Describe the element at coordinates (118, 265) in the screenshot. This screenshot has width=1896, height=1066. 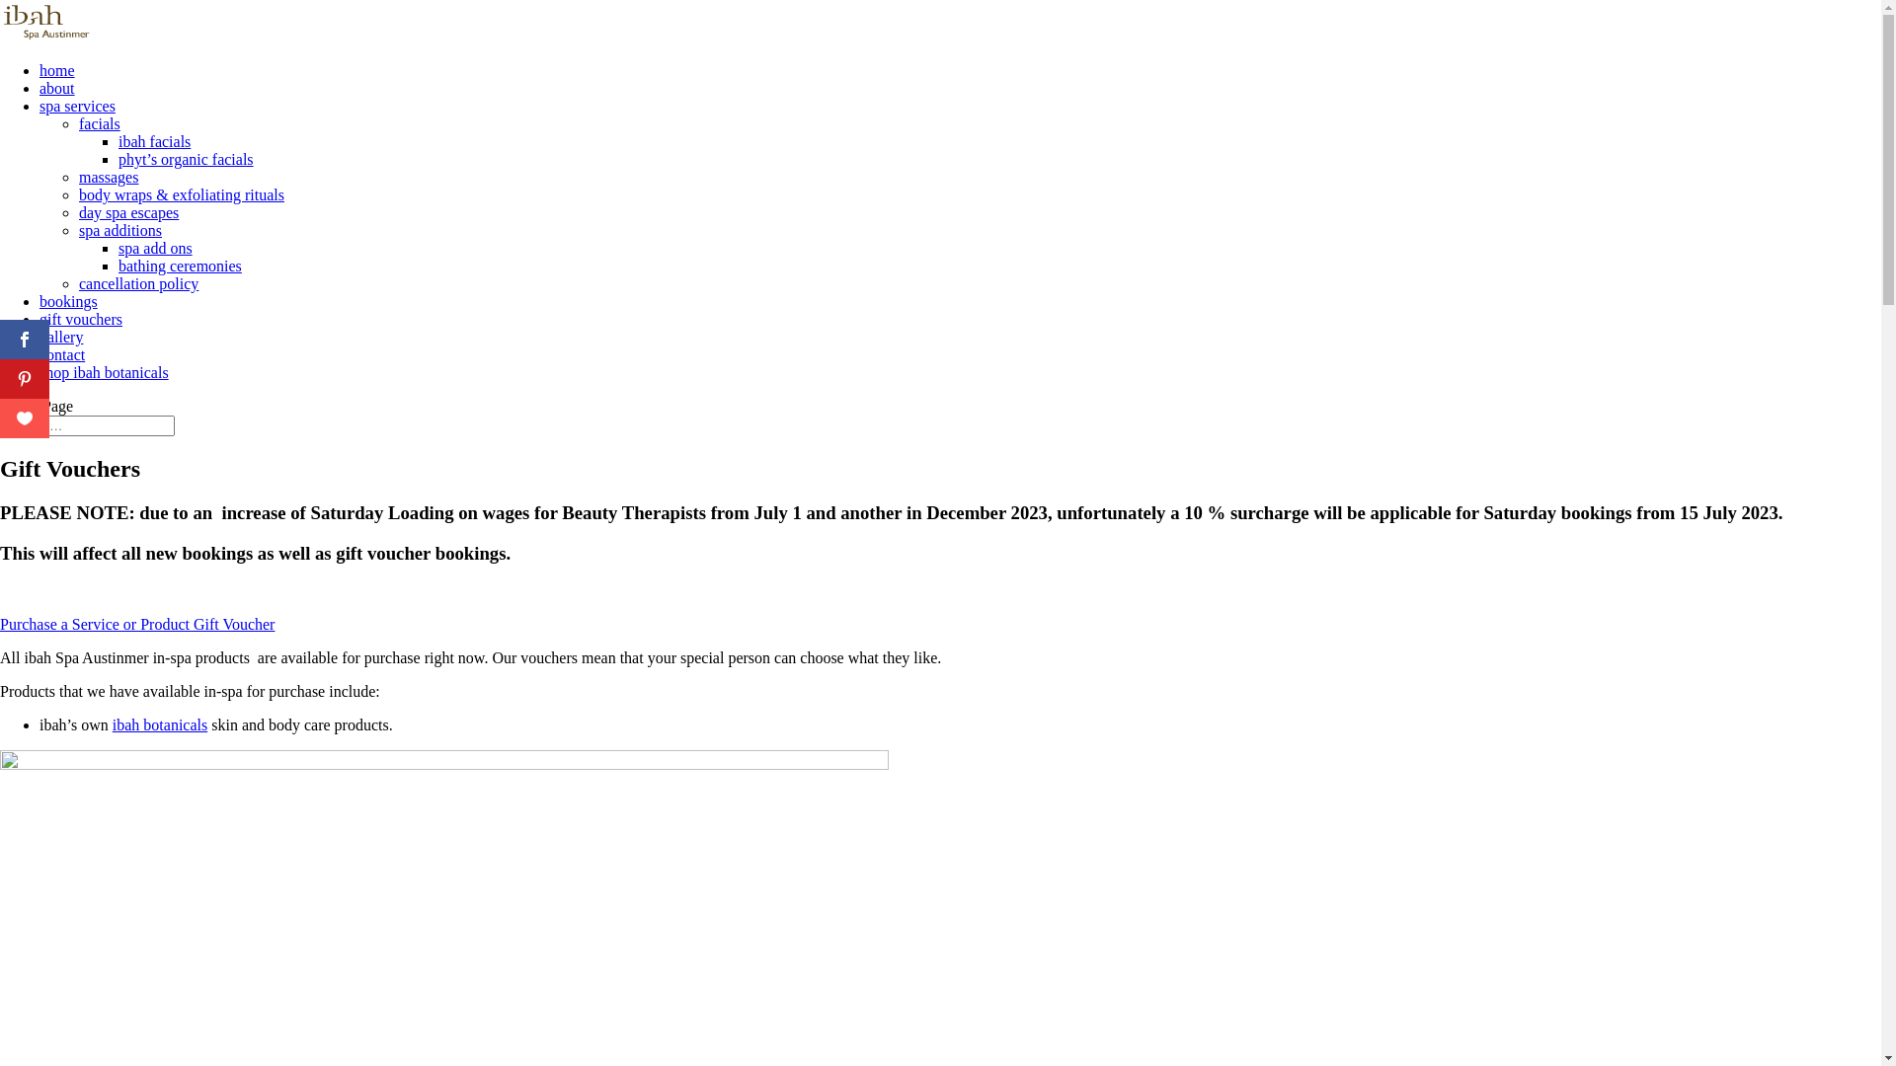
I see `'bathing ceremonies'` at that location.